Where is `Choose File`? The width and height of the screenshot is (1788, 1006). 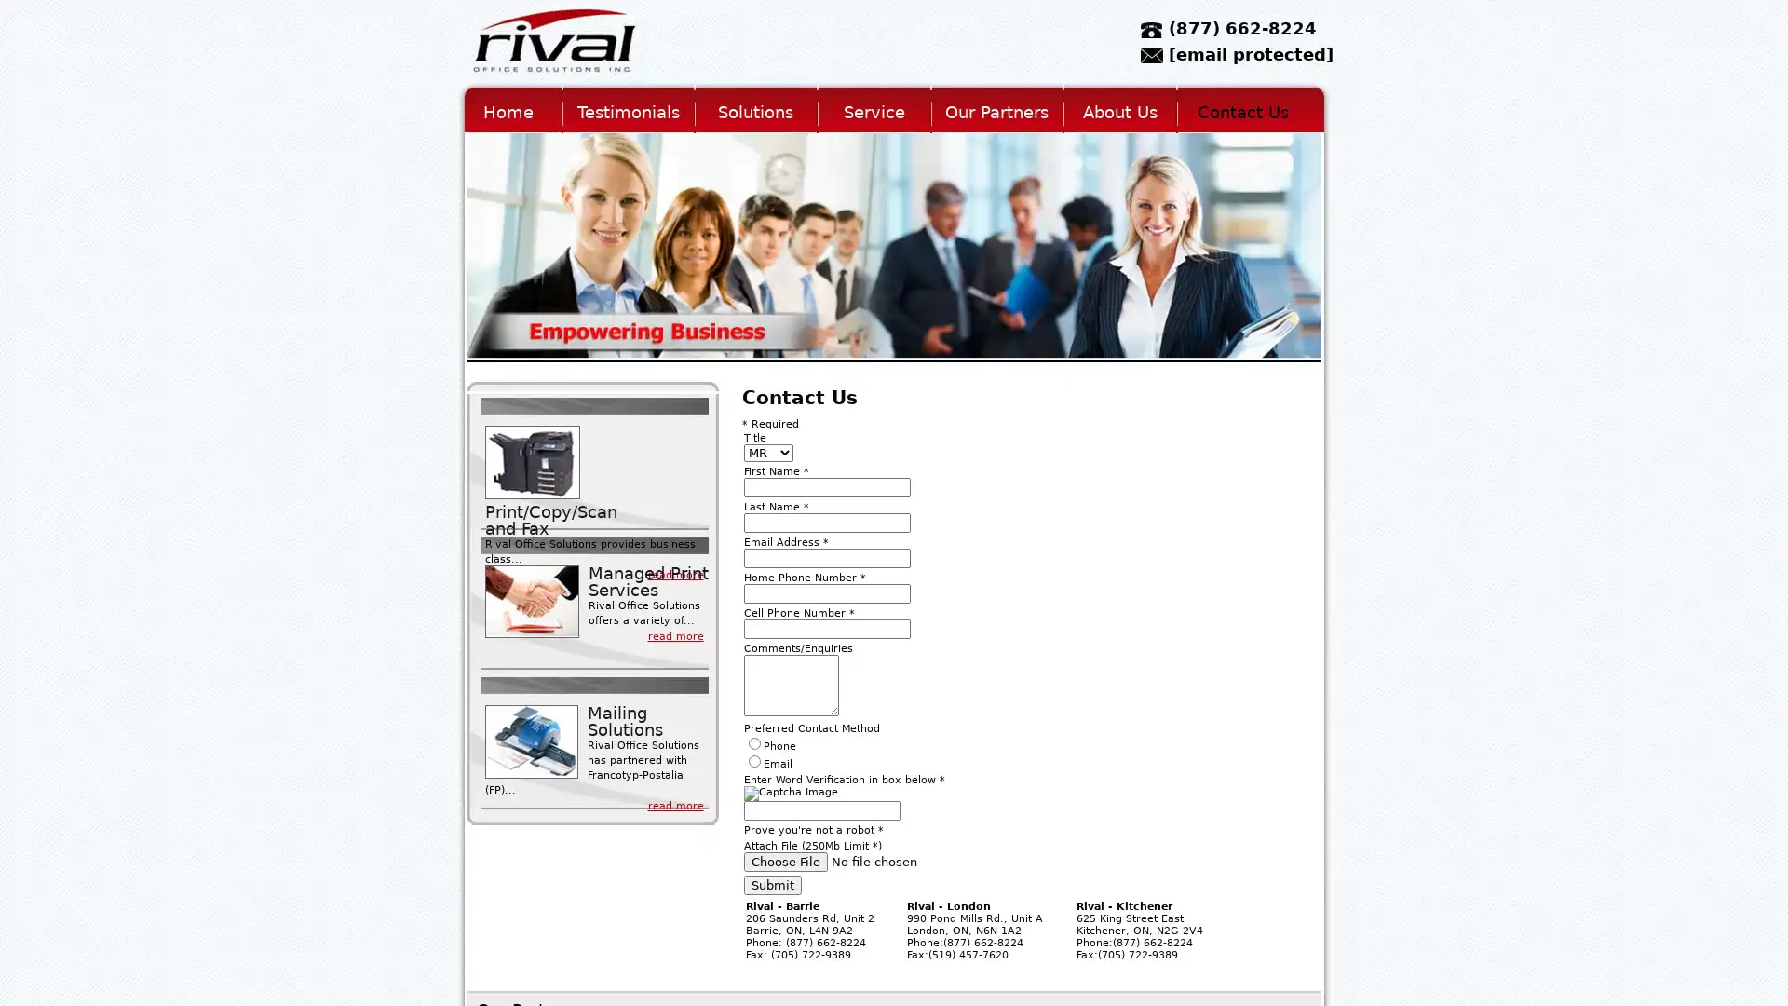 Choose File is located at coordinates (785, 862).